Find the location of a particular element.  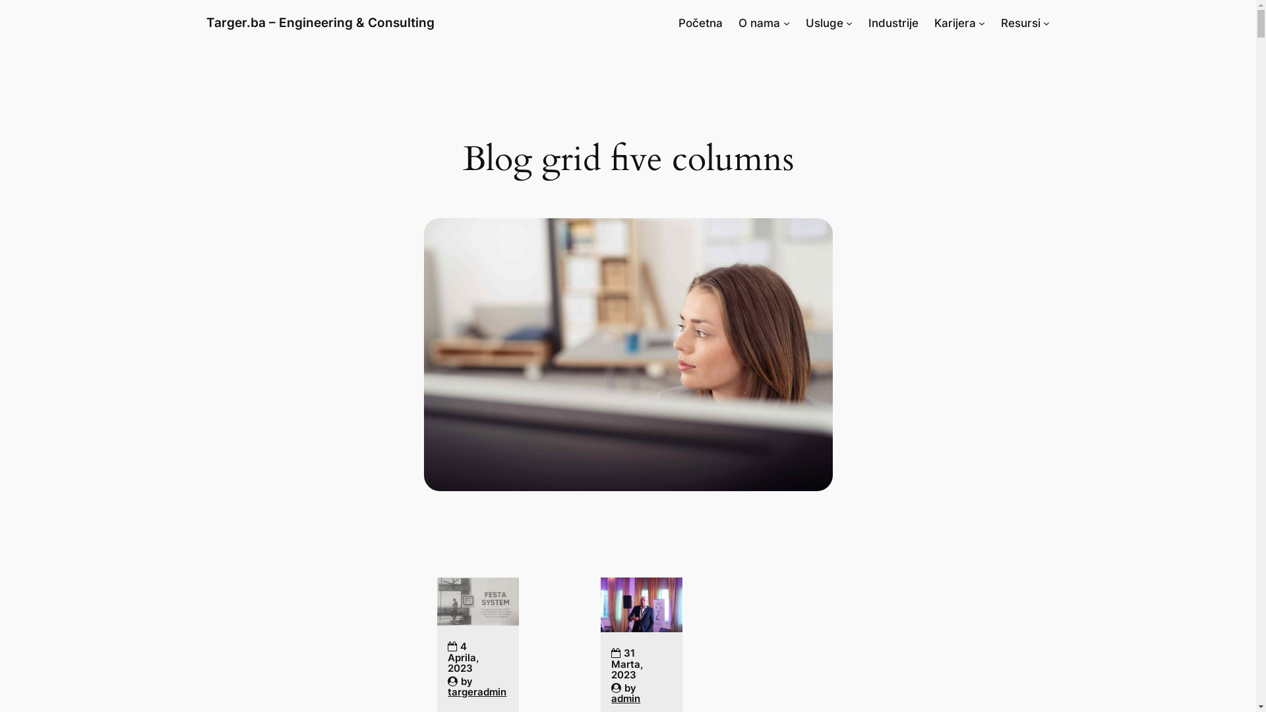

'admin' is located at coordinates (610, 698).